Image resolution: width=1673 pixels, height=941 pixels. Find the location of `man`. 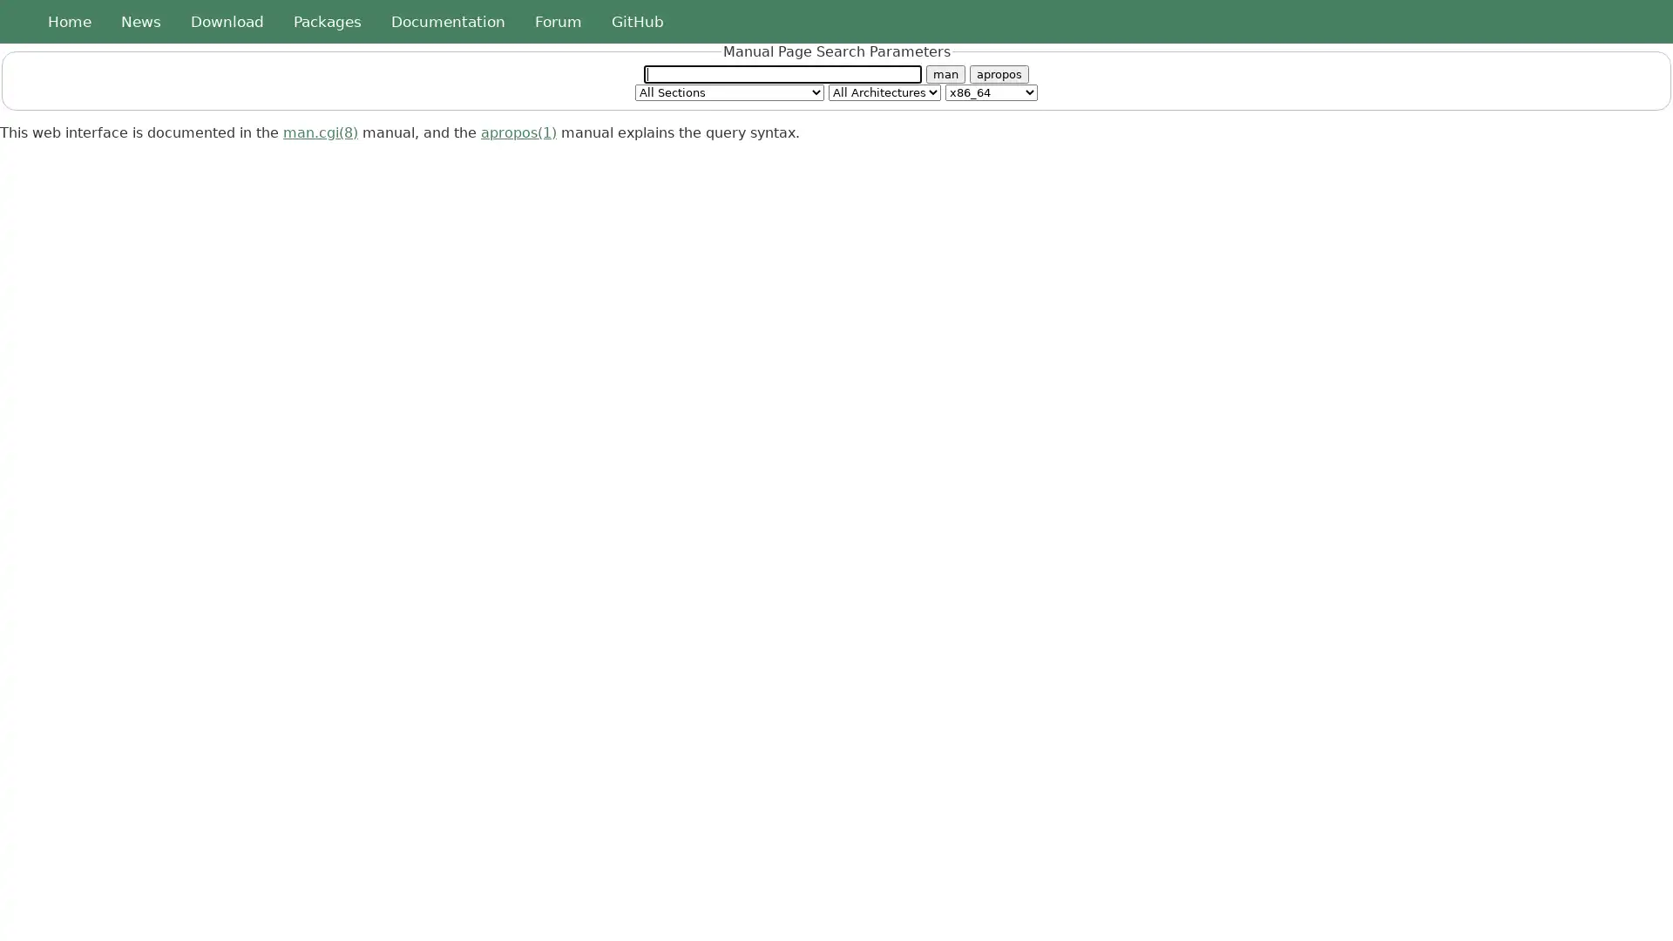

man is located at coordinates (945, 72).